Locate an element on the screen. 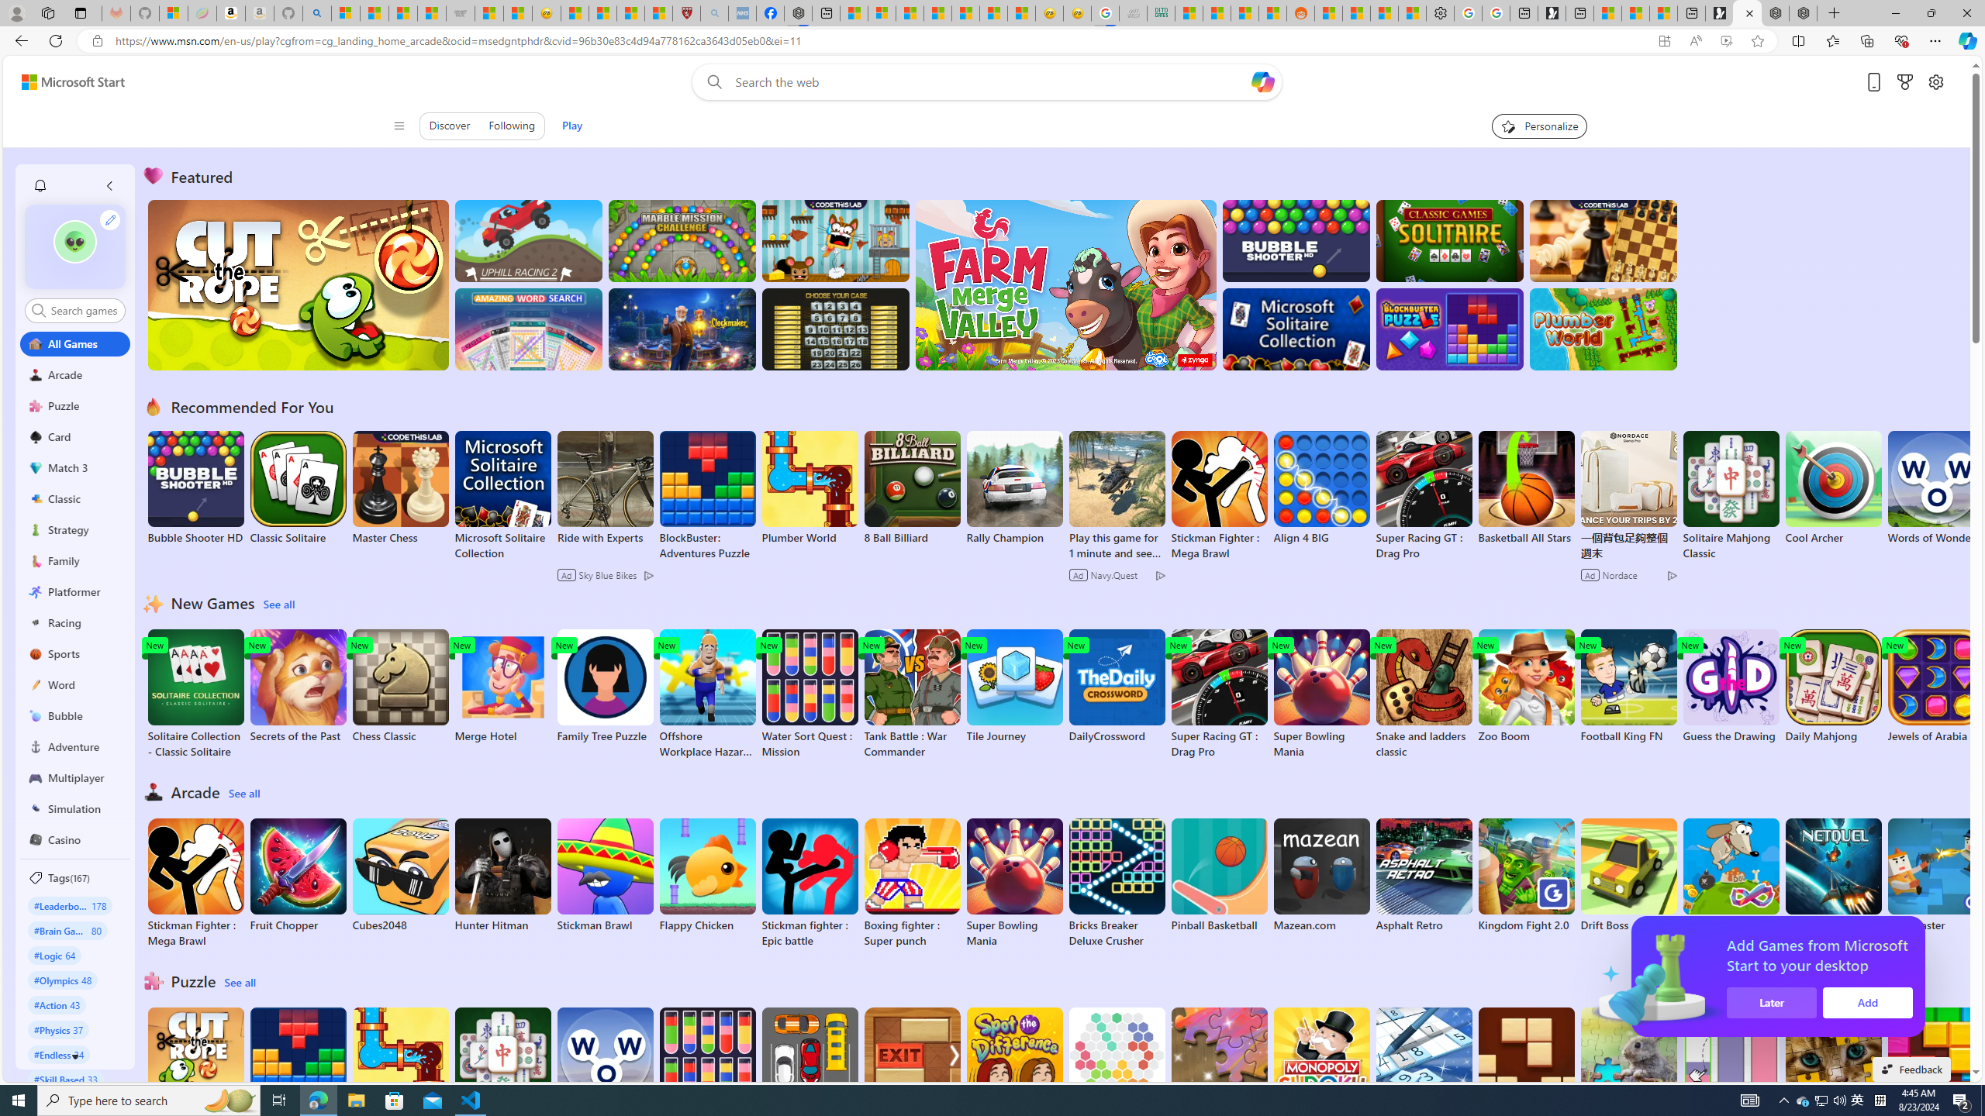 The image size is (1985, 1116). 'Squicky' is located at coordinates (834, 240).